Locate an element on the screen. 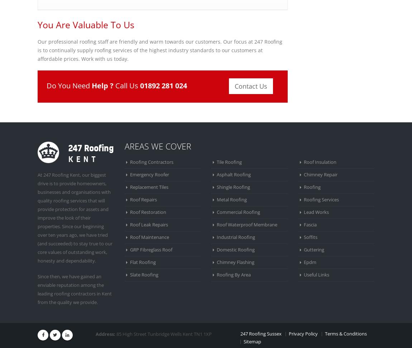  'Address:' is located at coordinates (105, 334).